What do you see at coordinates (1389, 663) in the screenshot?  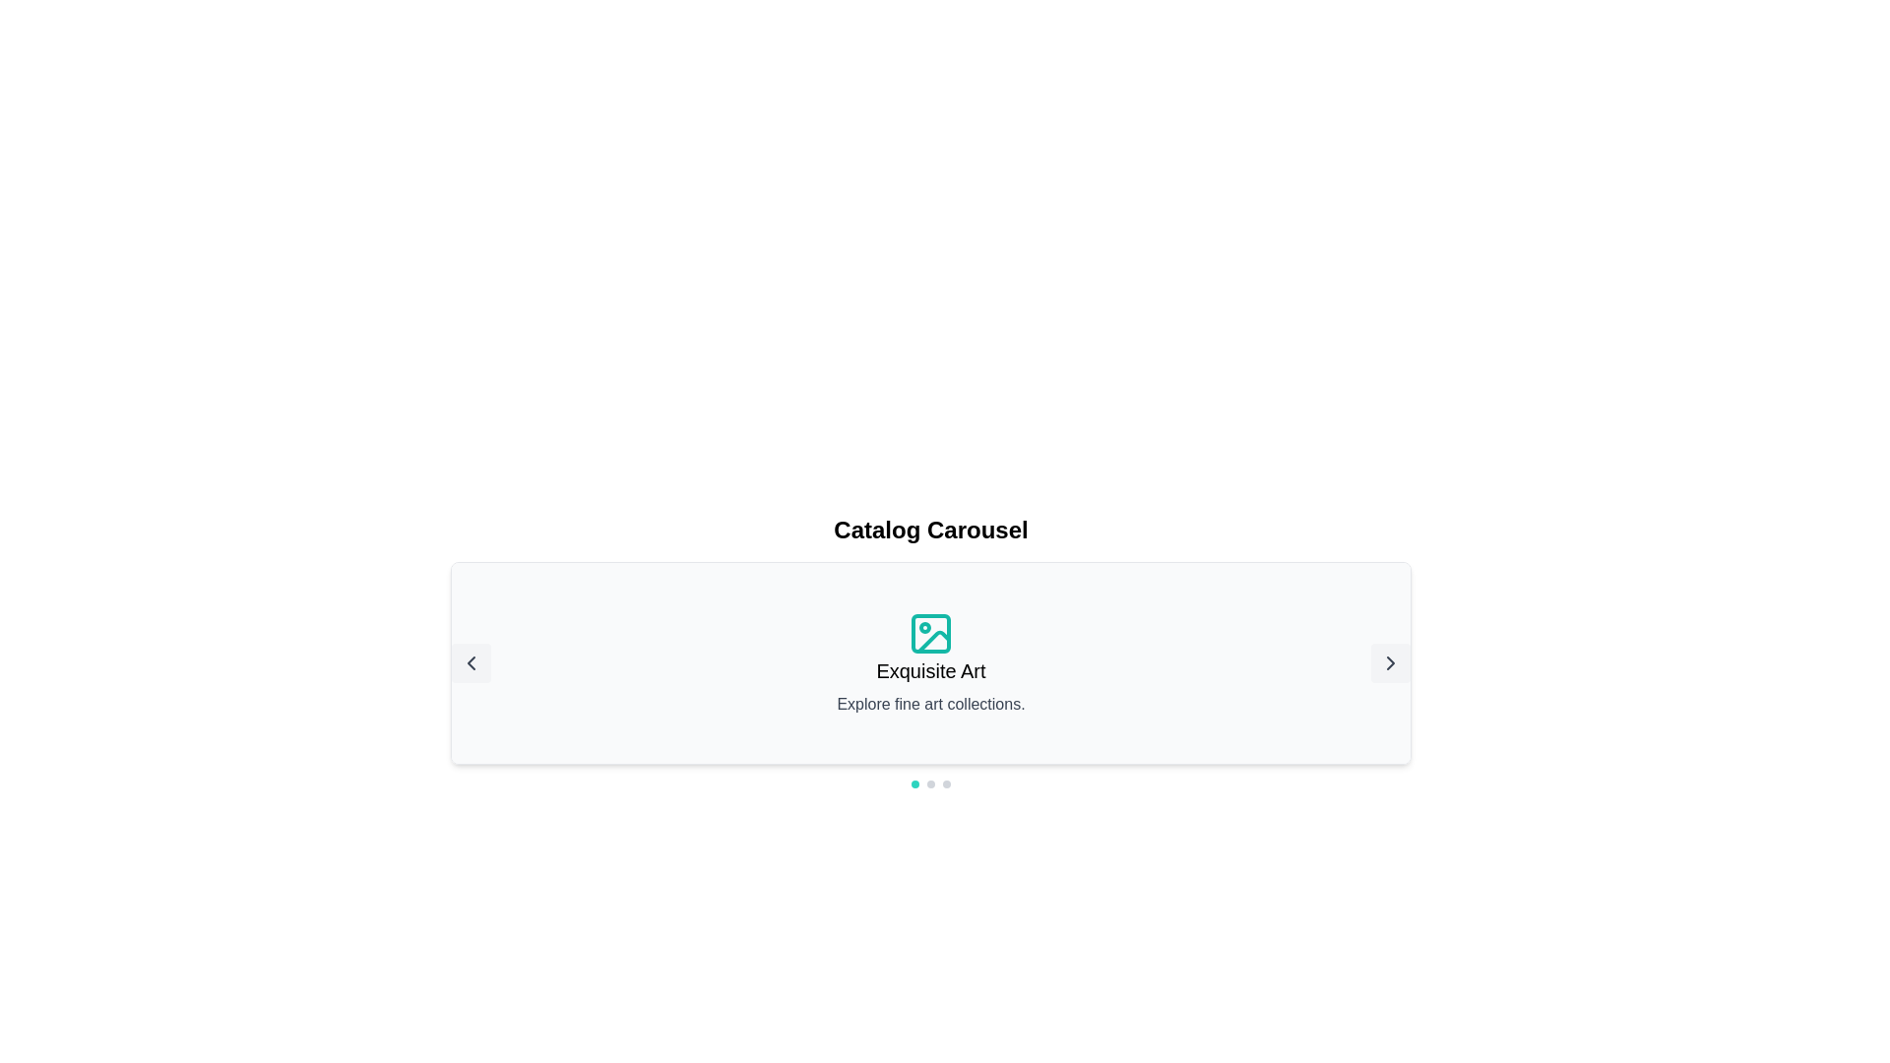 I see `the right-pointing chevron icon located at the right edge of a carousel navigation interface` at bounding box center [1389, 663].